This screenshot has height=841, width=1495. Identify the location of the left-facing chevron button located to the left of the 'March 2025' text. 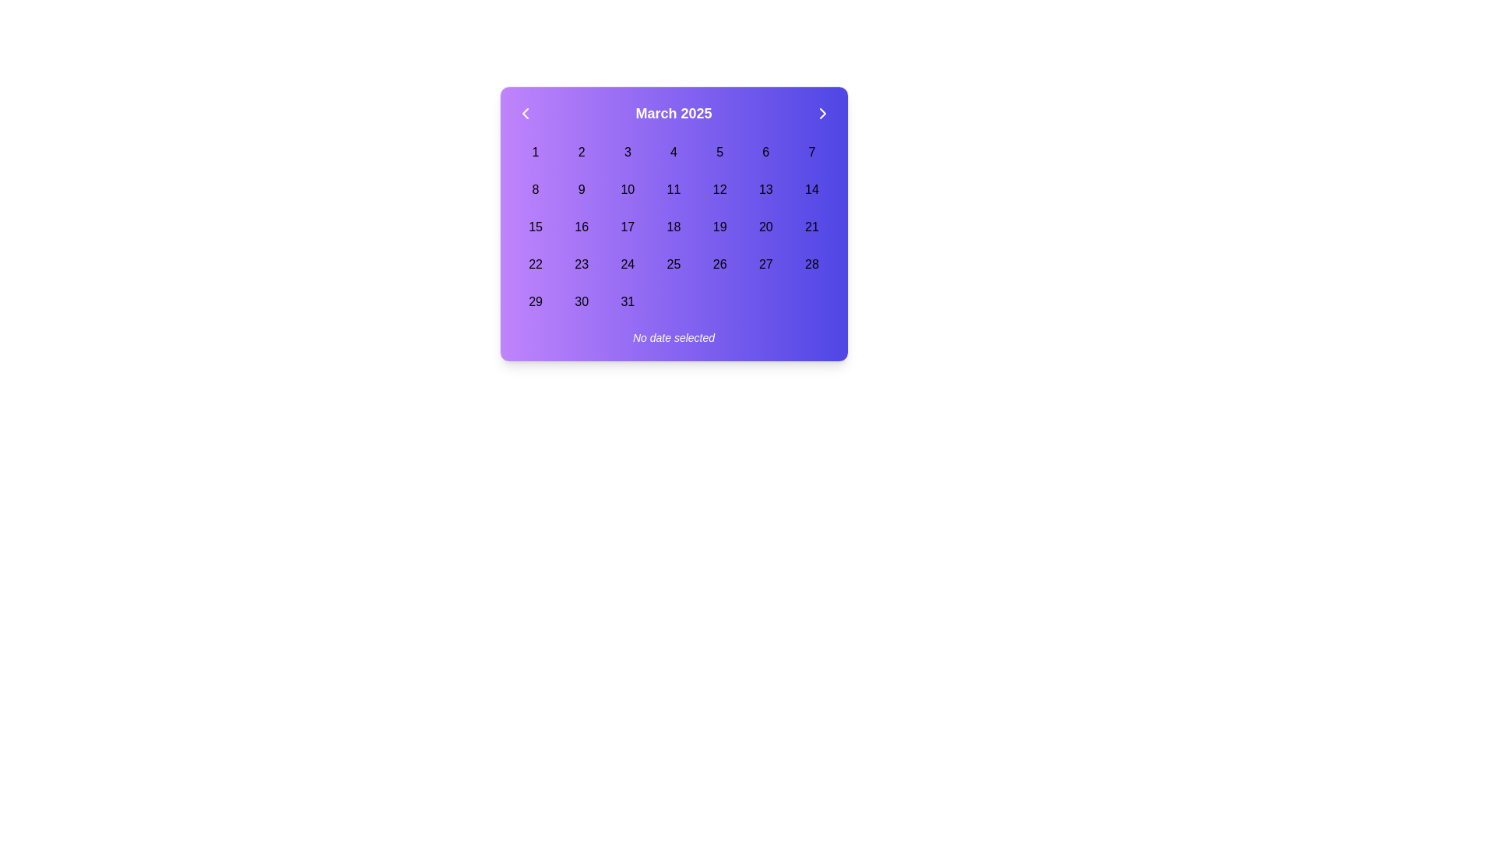
(525, 113).